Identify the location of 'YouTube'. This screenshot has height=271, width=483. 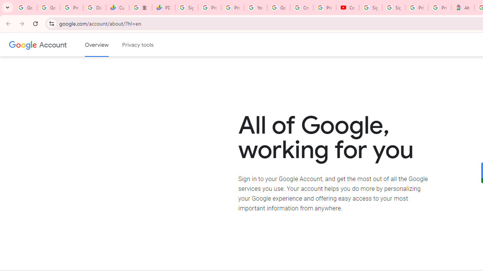
(255, 8).